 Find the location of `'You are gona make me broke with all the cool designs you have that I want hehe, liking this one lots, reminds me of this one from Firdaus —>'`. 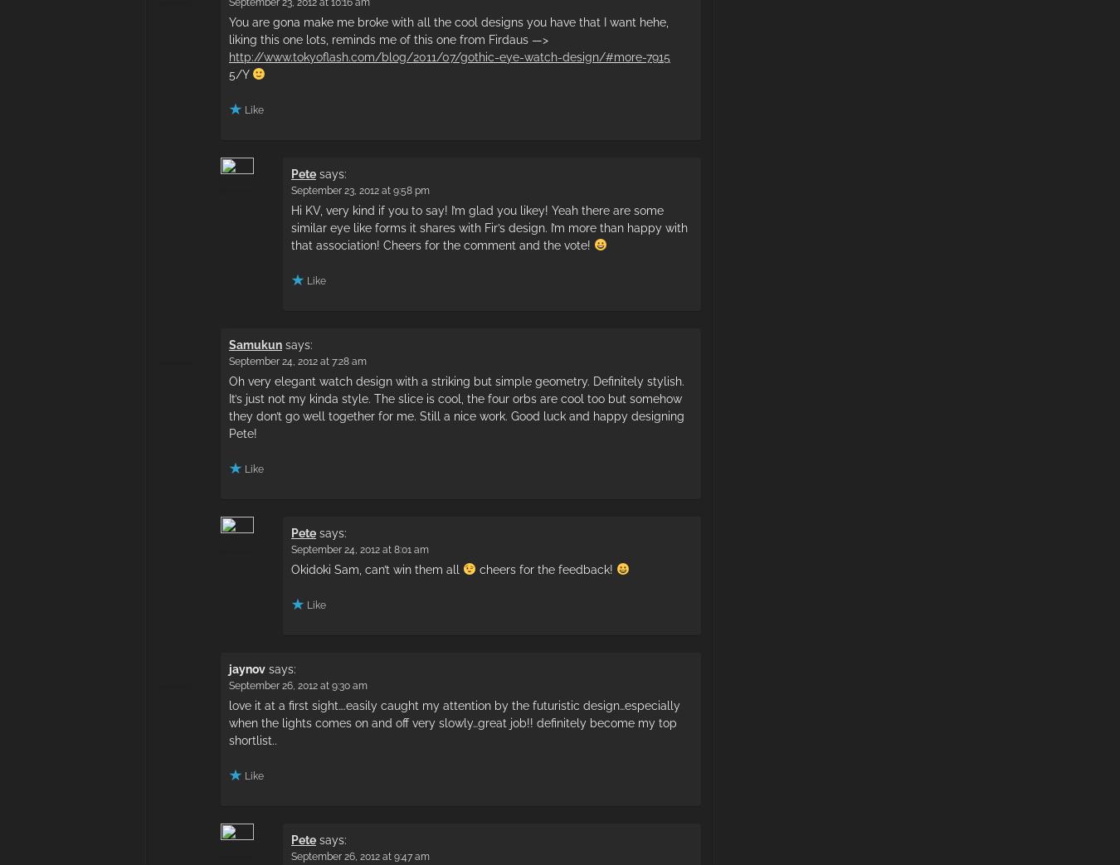

'You are gona make me broke with all the cool designs you have that I want hehe, liking this one lots, reminds me of this one from Firdaus —>' is located at coordinates (447, 29).